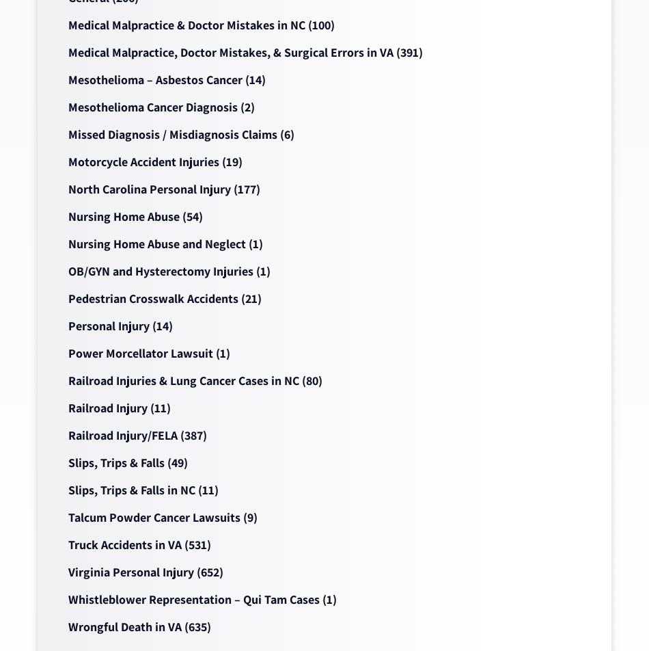  I want to click on '(531)', so click(195, 544).